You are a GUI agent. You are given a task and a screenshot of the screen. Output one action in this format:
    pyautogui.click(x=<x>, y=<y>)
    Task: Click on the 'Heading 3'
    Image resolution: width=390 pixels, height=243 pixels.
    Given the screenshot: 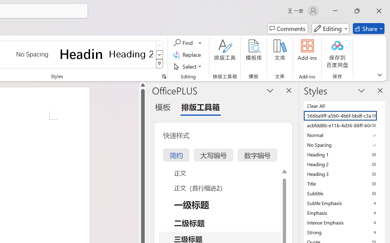 What is the action you would take?
    pyautogui.click(x=344, y=173)
    